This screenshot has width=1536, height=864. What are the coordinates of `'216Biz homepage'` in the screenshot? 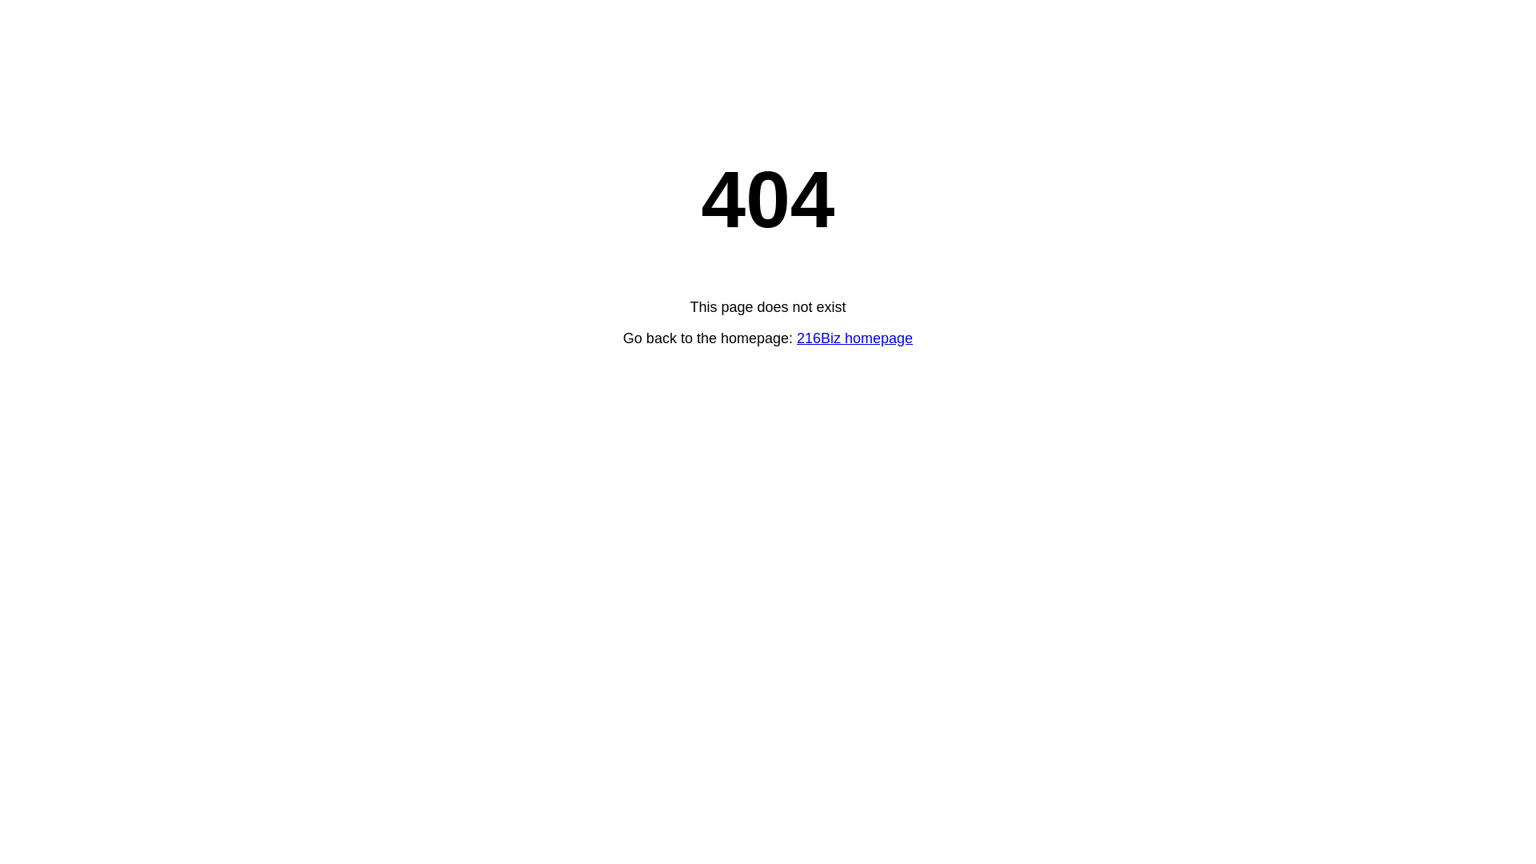 It's located at (854, 338).